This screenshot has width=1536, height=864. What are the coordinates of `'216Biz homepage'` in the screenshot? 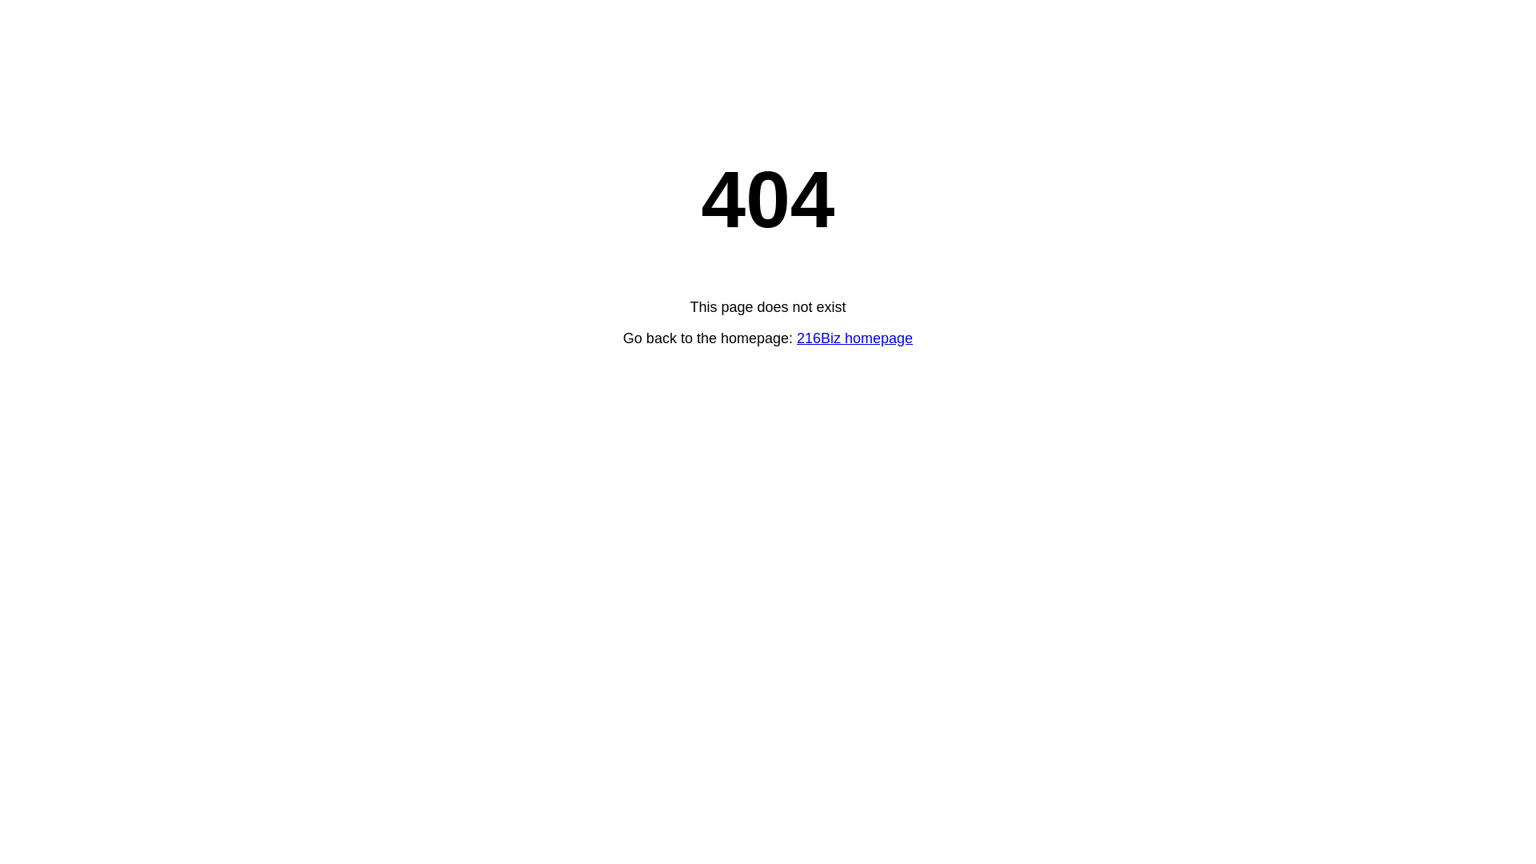 It's located at (854, 338).